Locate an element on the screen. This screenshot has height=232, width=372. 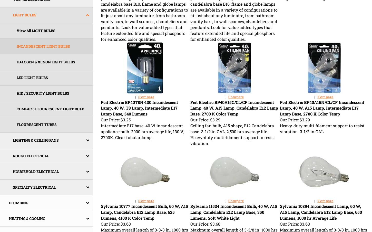
'Feit Electric BP40A15N/CL/CF Incandescent Lamp, 40 W, A15 Lamp, Intermediate E17 Lamp Base, 2700 K Color Temp' is located at coordinates (322, 108).